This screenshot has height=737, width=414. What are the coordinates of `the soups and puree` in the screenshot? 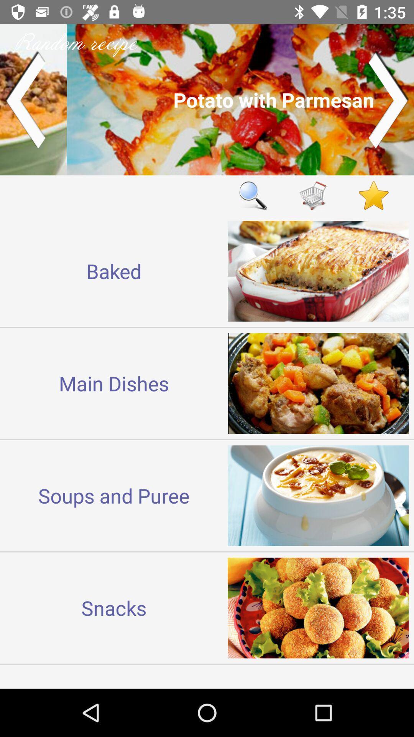 It's located at (114, 496).